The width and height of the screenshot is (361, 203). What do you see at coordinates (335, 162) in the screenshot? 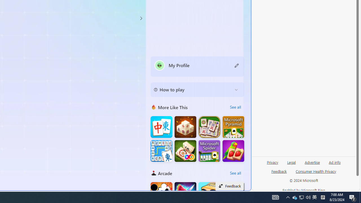
I see `'Ad info'` at bounding box center [335, 162].